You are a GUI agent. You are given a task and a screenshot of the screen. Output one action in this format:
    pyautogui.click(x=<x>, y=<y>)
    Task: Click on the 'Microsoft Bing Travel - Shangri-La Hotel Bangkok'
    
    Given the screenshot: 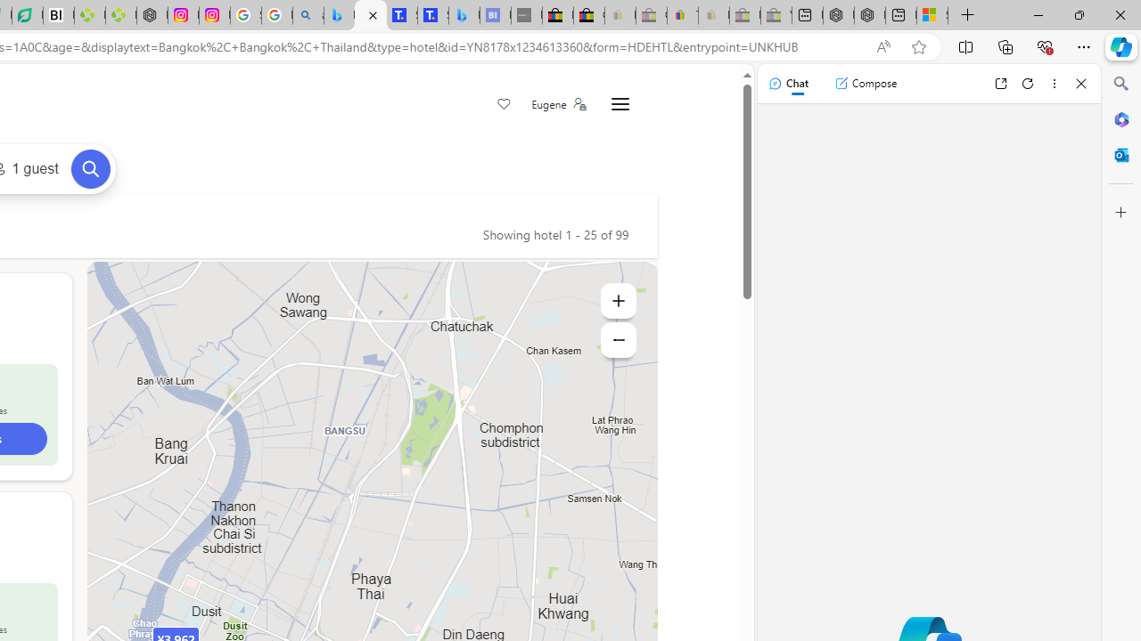 What is the action you would take?
    pyautogui.click(x=464, y=15)
    